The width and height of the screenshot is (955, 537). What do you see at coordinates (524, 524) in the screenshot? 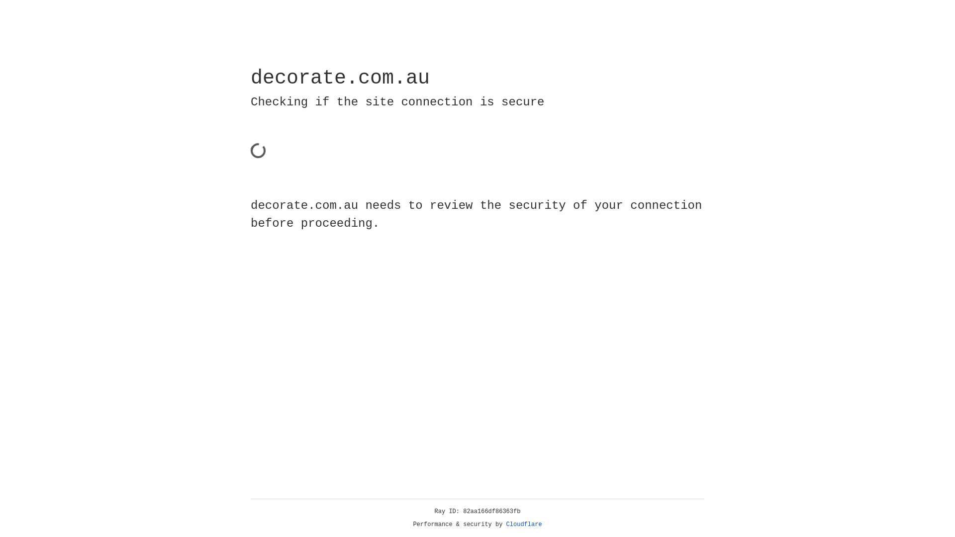
I see `'Cloudflare'` at bounding box center [524, 524].